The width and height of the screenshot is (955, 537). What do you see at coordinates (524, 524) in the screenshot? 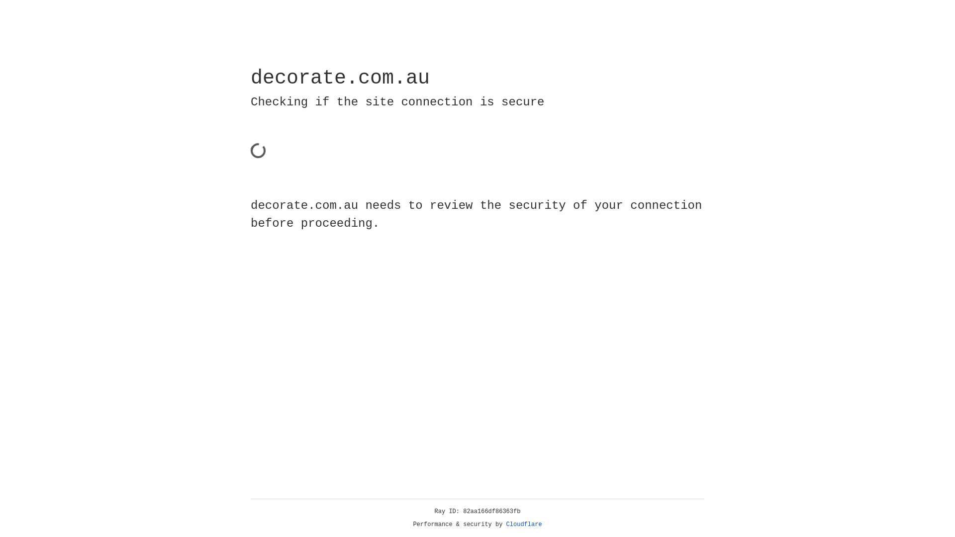
I see `'Cloudflare'` at bounding box center [524, 524].